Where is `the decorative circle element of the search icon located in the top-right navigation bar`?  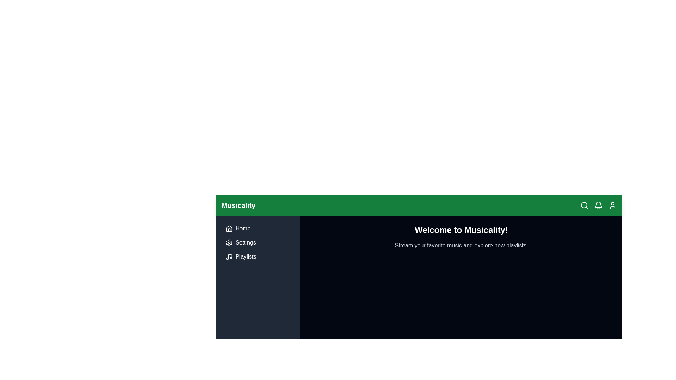 the decorative circle element of the search icon located in the top-right navigation bar is located at coordinates (584, 205).